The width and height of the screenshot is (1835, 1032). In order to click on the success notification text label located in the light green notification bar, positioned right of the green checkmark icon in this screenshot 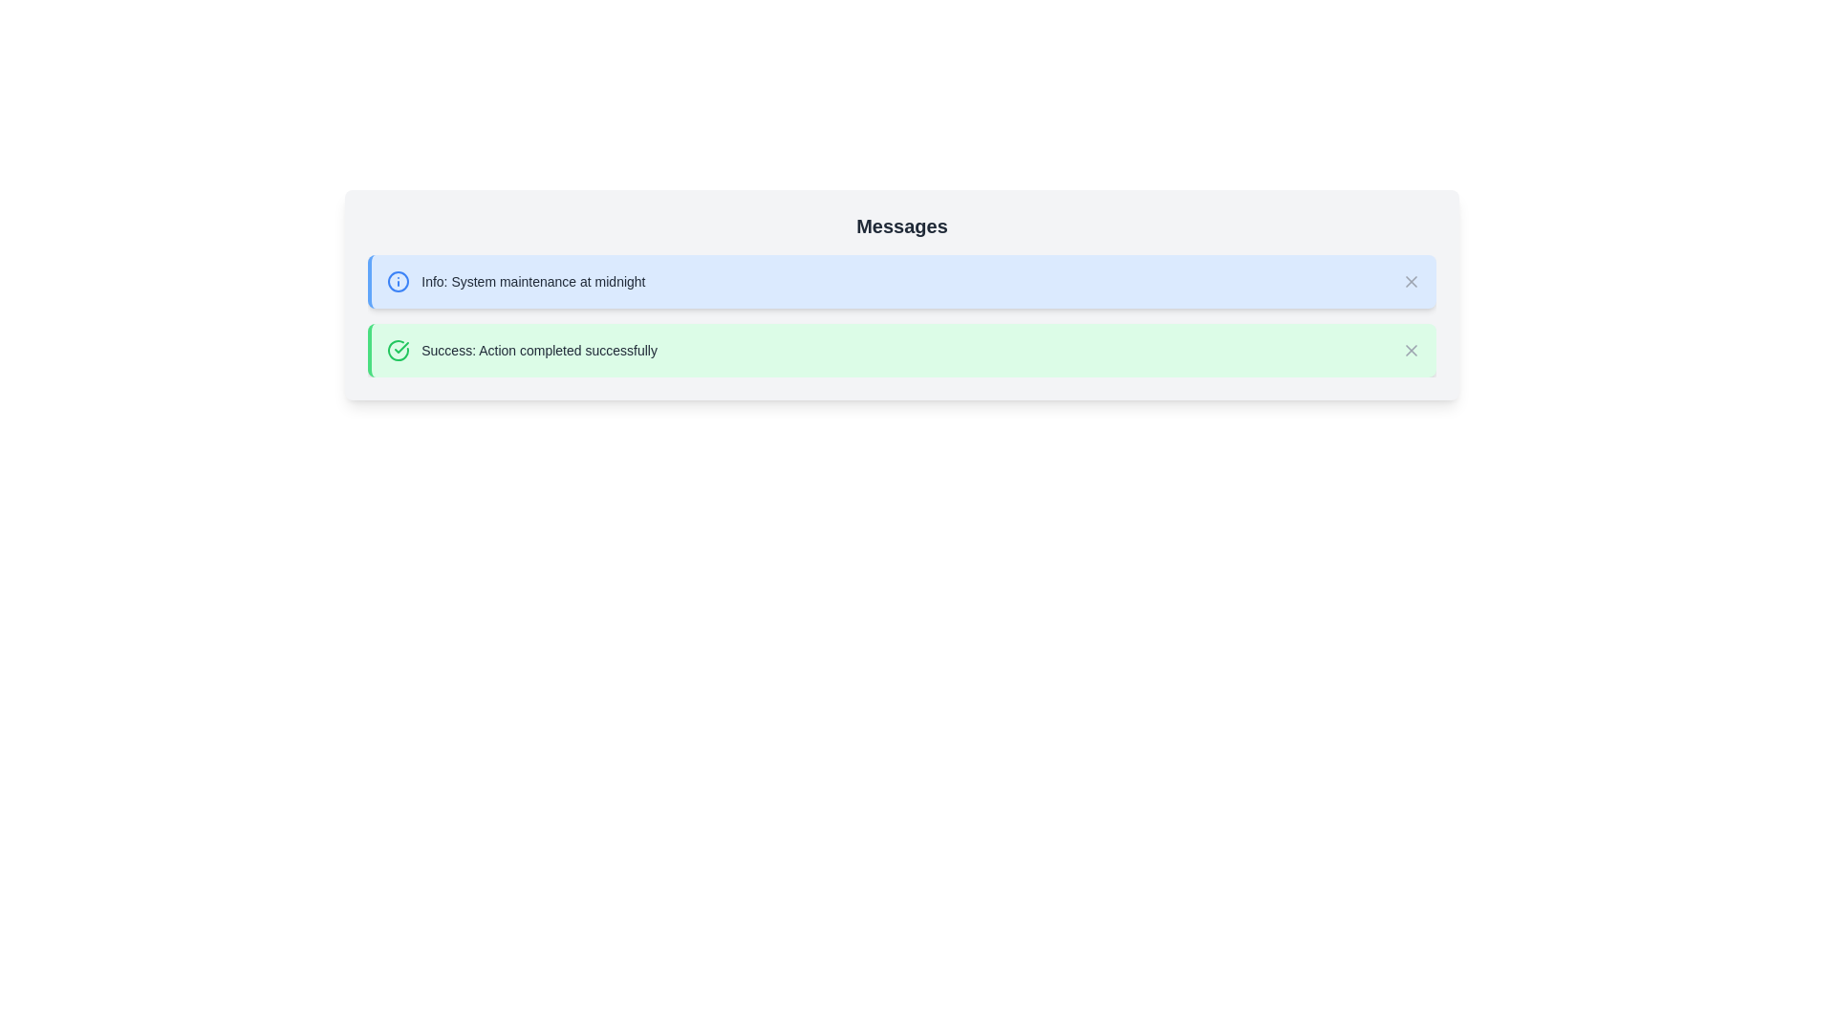, I will do `click(538, 350)`.